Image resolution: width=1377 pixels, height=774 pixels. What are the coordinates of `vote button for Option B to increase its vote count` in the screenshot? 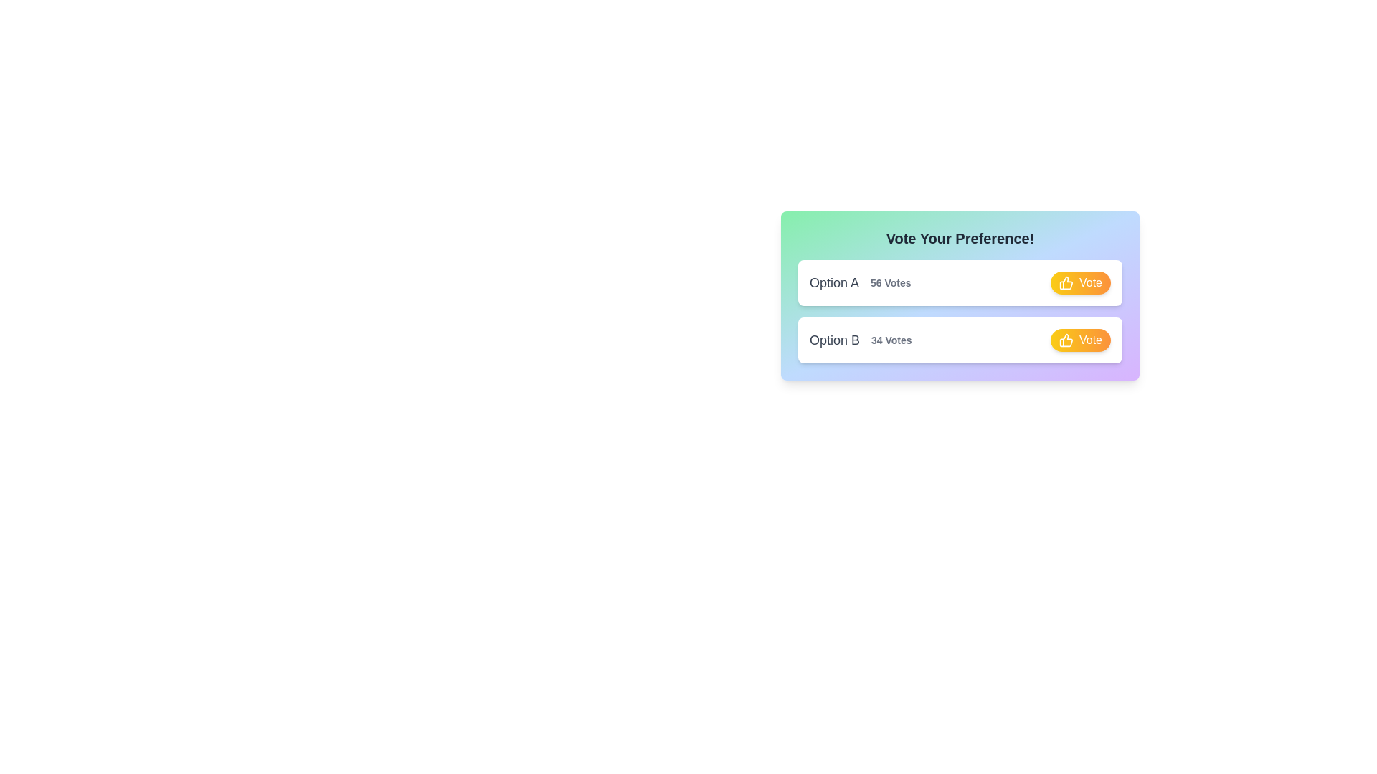 It's located at (1081, 340).